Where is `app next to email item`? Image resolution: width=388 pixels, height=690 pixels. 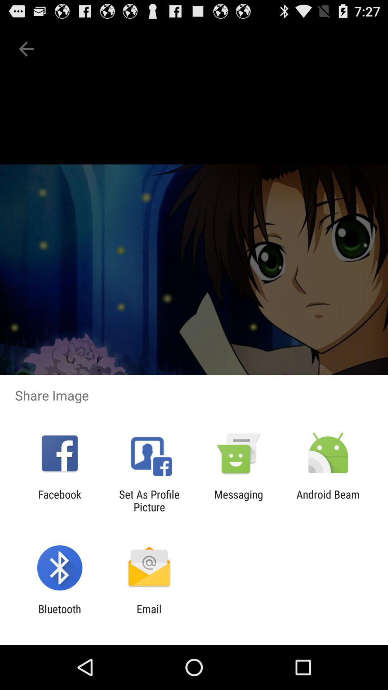
app next to email item is located at coordinates (59, 615).